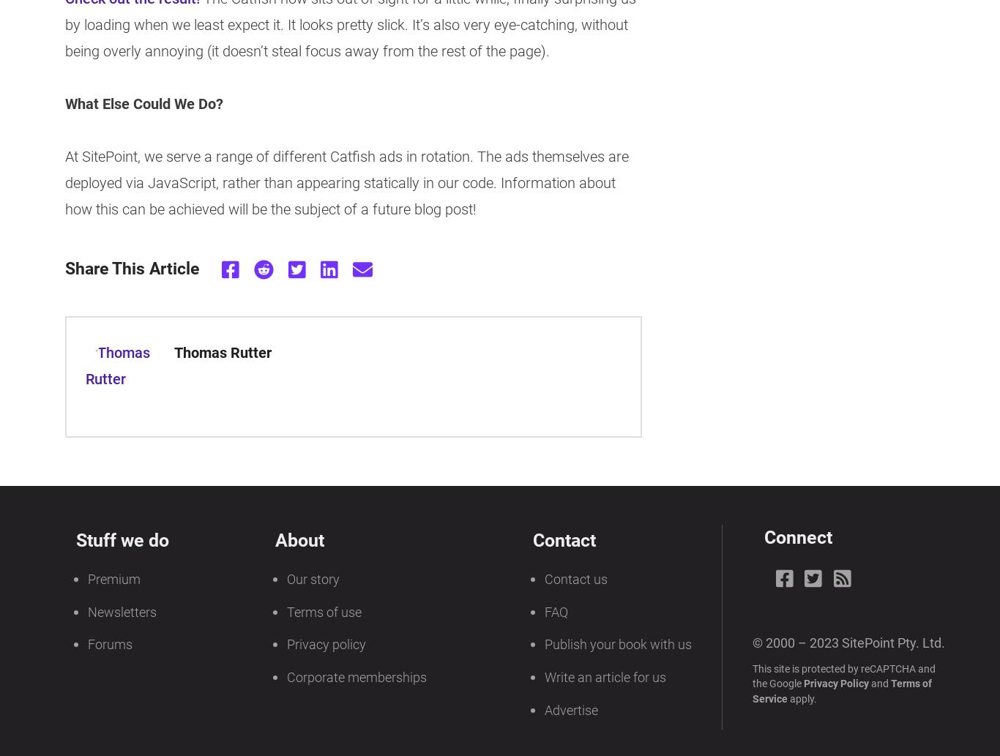  I want to click on 'Advertise', so click(570, 710).